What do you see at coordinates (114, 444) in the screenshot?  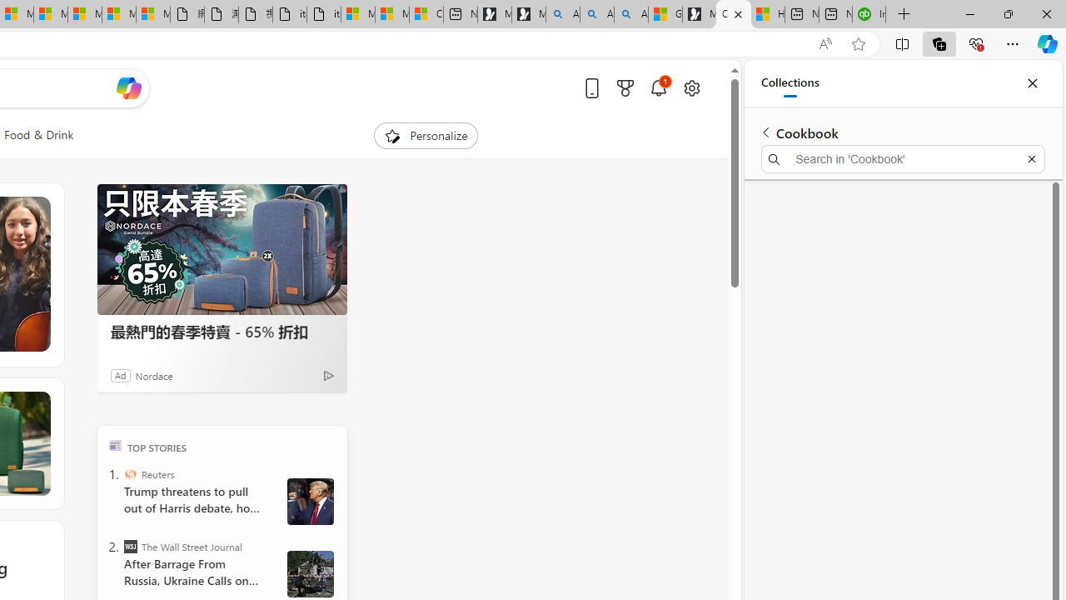 I see `'TOP'` at bounding box center [114, 444].